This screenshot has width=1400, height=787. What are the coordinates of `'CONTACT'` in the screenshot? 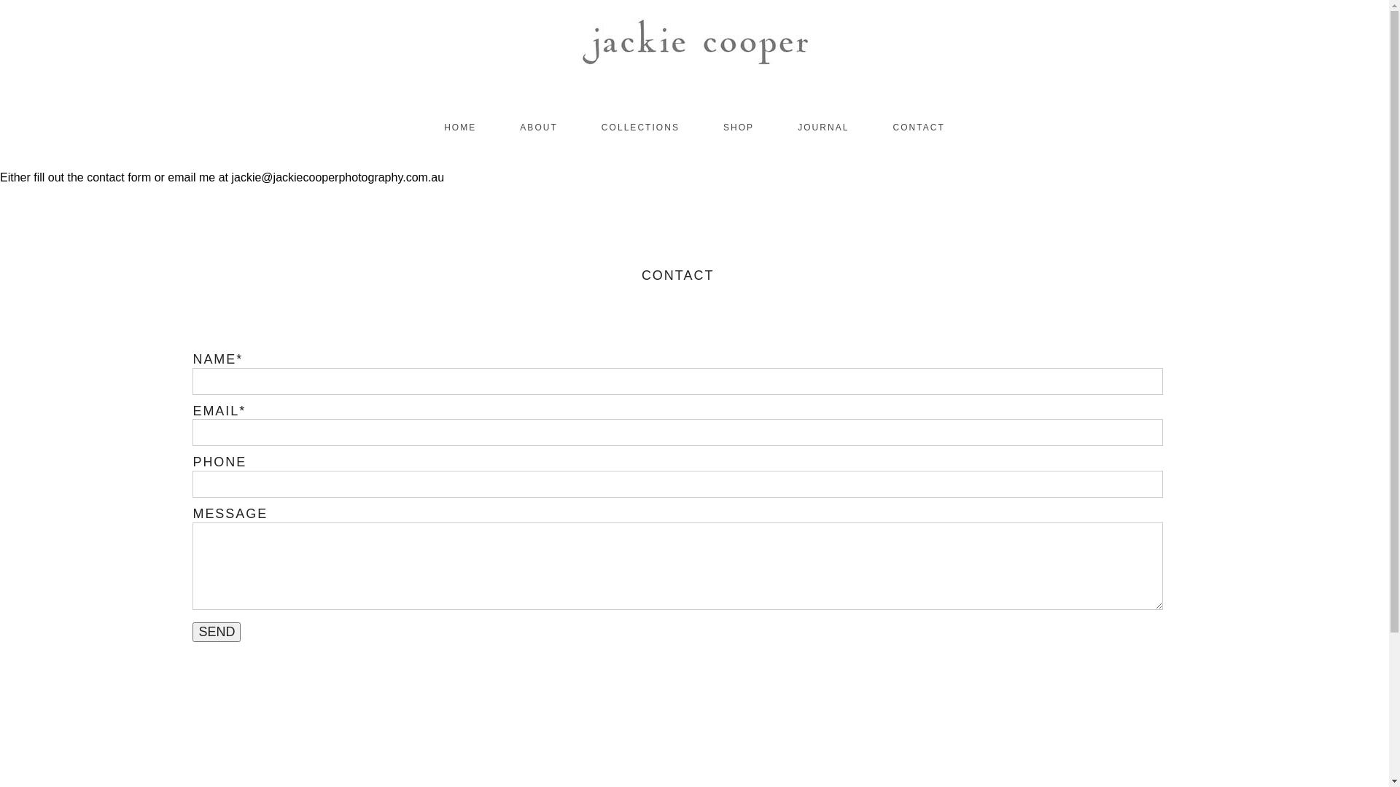 It's located at (917, 126).